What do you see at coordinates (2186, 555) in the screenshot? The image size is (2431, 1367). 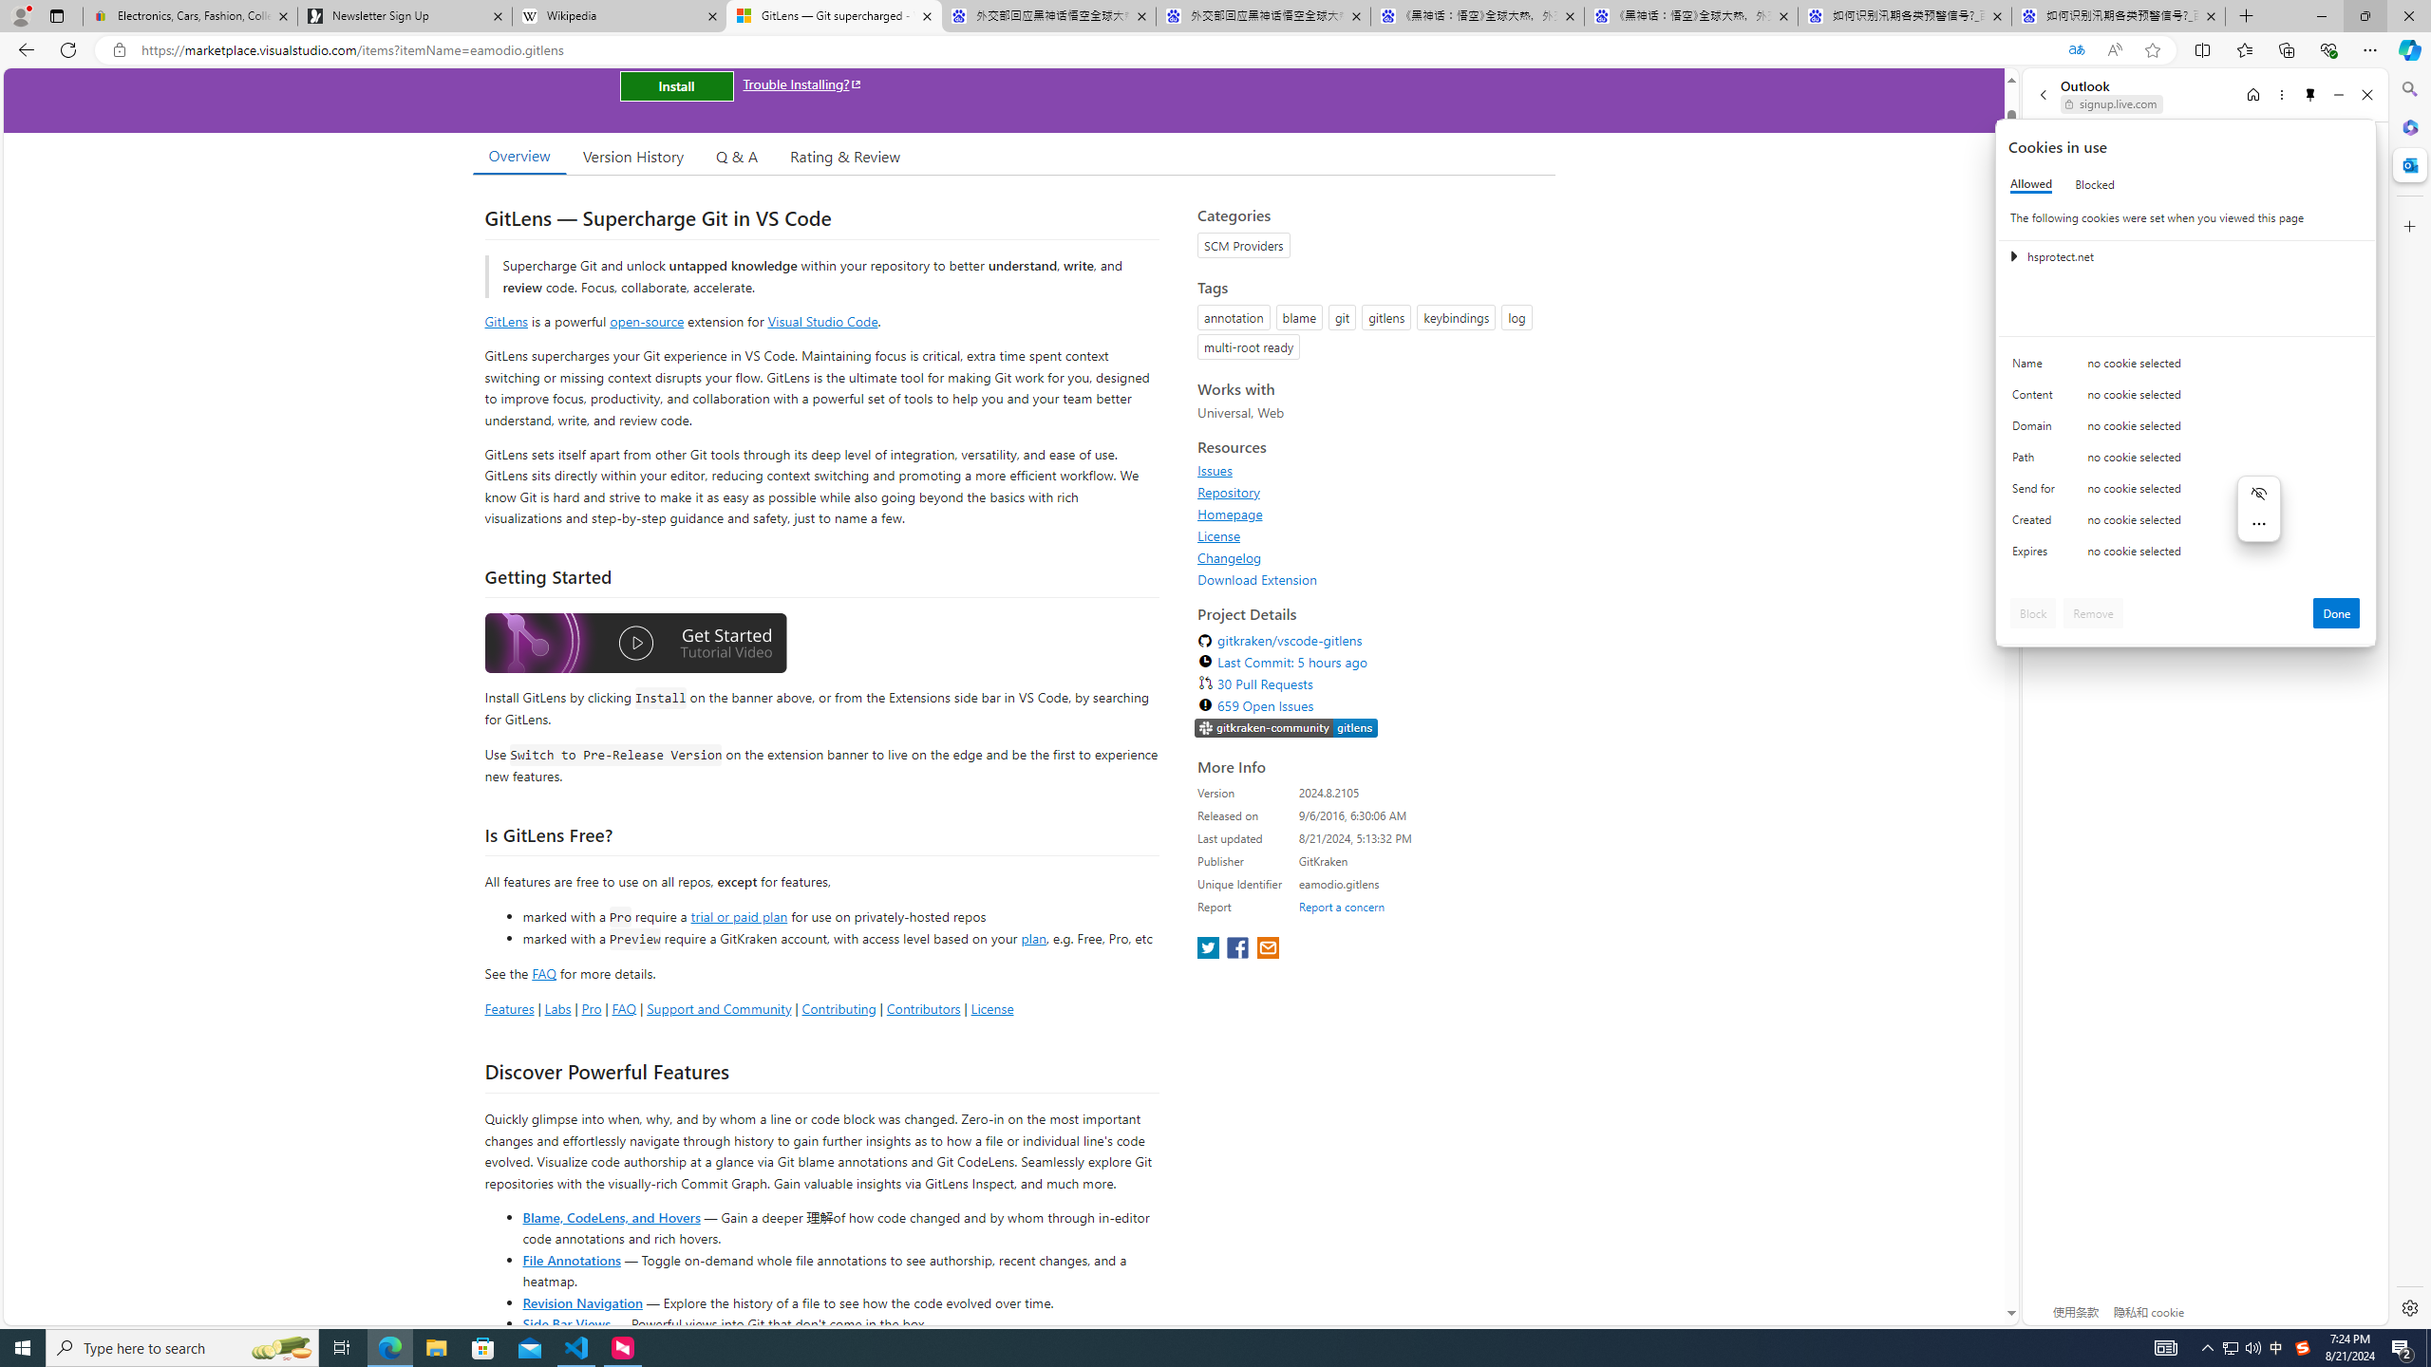 I see `'Class: c0153 c0157'` at bounding box center [2186, 555].